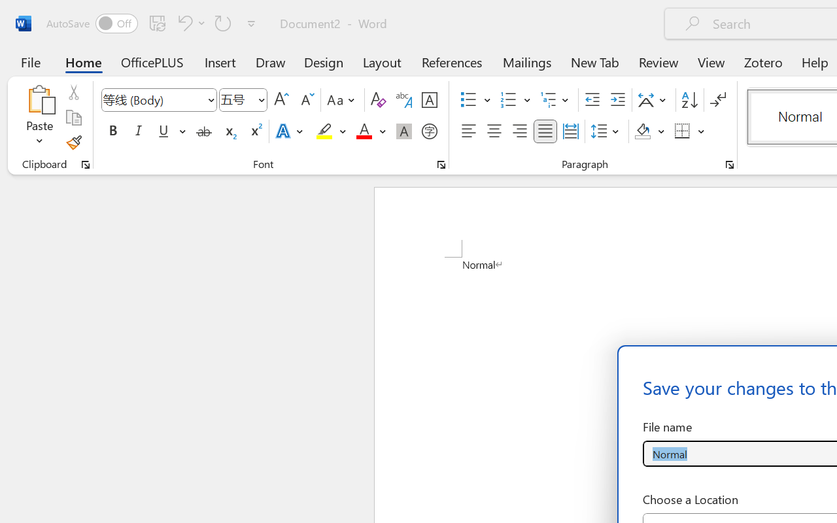 Image resolution: width=837 pixels, height=523 pixels. What do you see at coordinates (711, 61) in the screenshot?
I see `'View'` at bounding box center [711, 61].